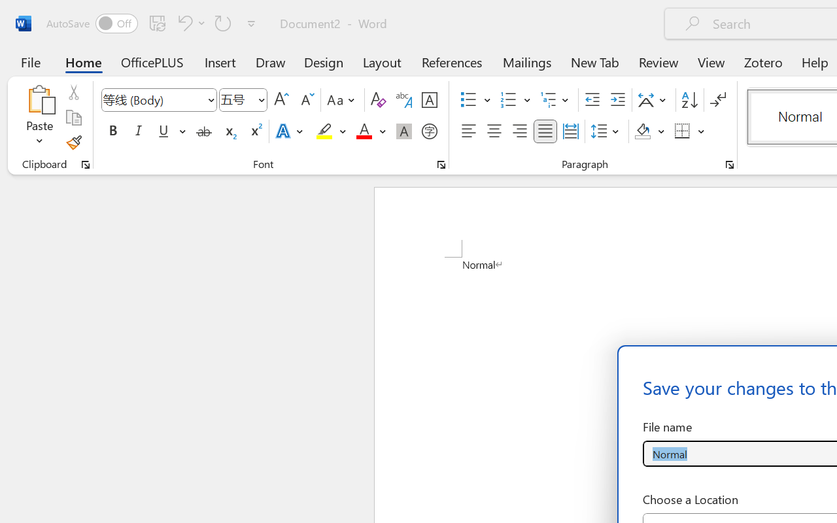 Image resolution: width=837 pixels, height=523 pixels. What do you see at coordinates (711, 61) in the screenshot?
I see `'View'` at bounding box center [711, 61].